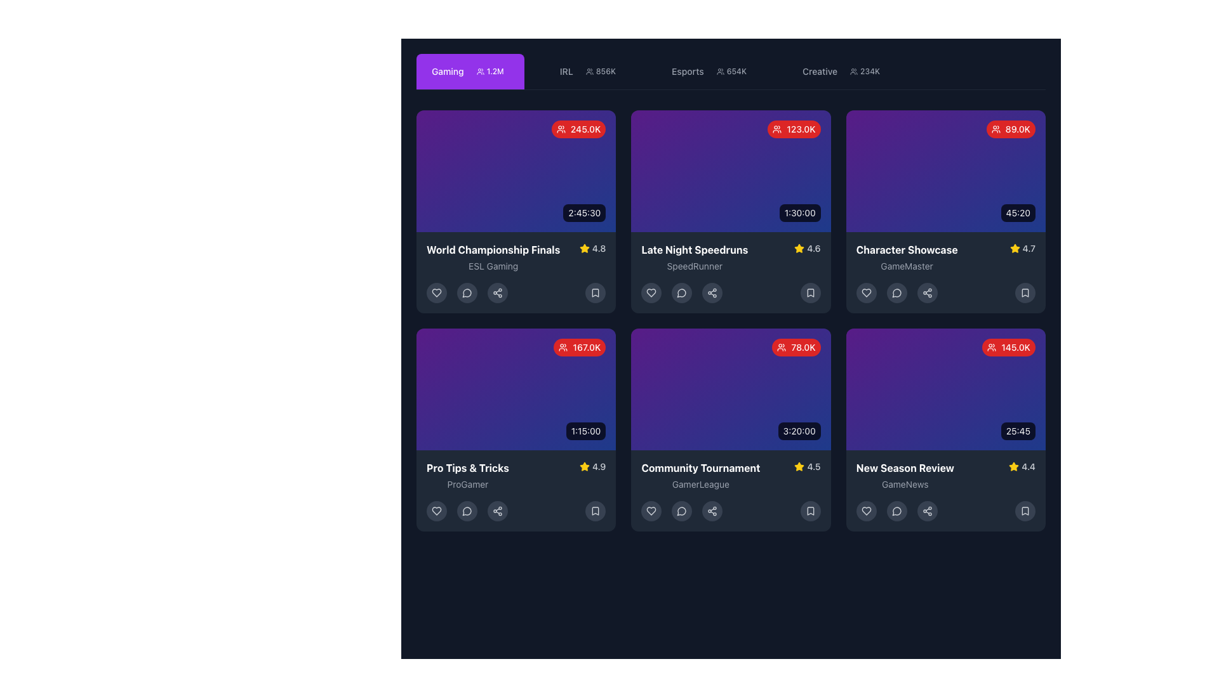 This screenshot has height=685, width=1219. Describe the element at coordinates (865, 293) in the screenshot. I see `the heart-shaped button located in the action bar of the 'Character Showcase' card to like or favorite the content` at that location.